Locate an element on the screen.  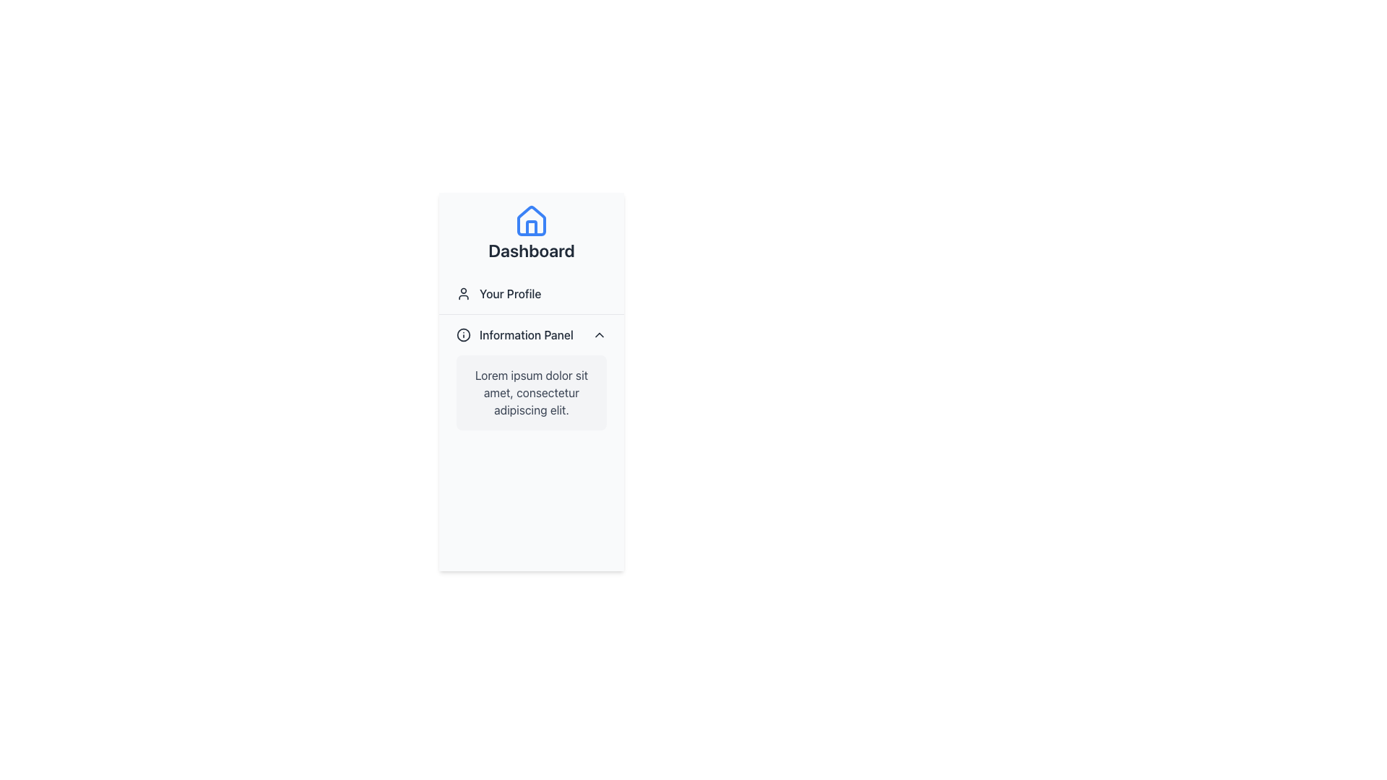
the Text label with an accompanying icon in the left-hand sidebar, located beneath the 'Your Profile' entry, which indicates the content of the collapsible information panel is located at coordinates (514, 334).